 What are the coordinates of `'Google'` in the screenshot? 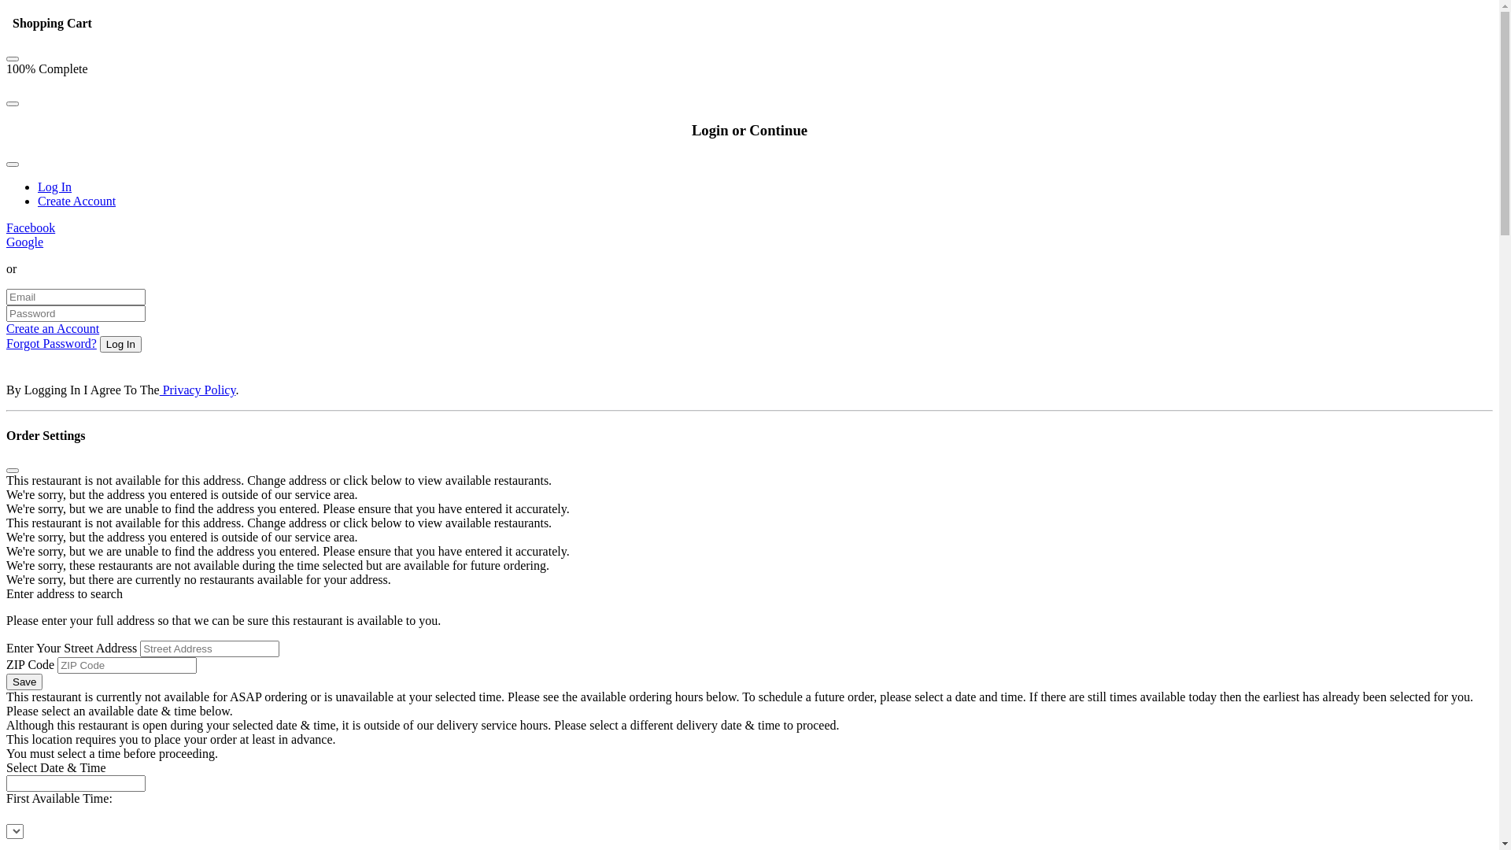 It's located at (6, 242).